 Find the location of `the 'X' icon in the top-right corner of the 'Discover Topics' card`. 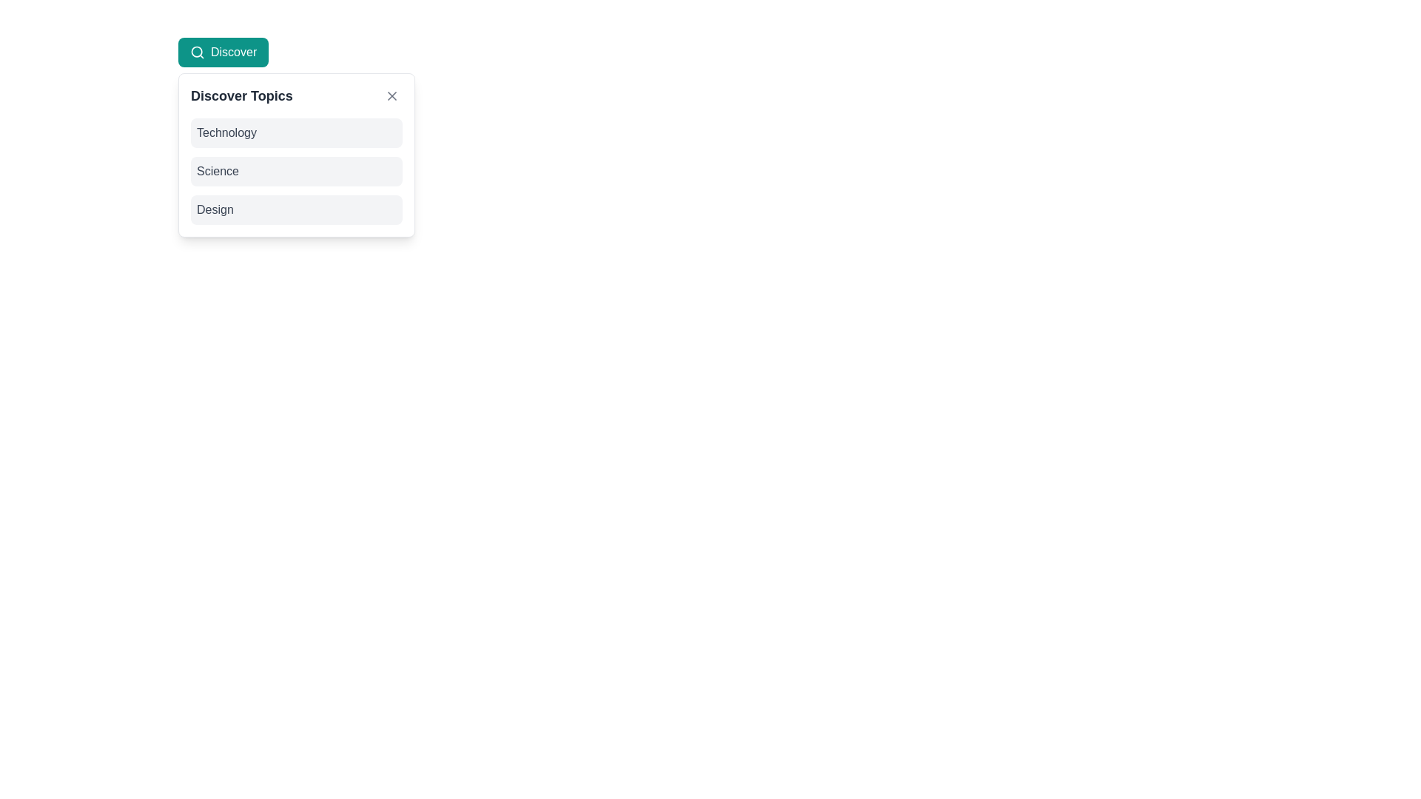

the 'X' icon in the top-right corner of the 'Discover Topics' card is located at coordinates (392, 96).